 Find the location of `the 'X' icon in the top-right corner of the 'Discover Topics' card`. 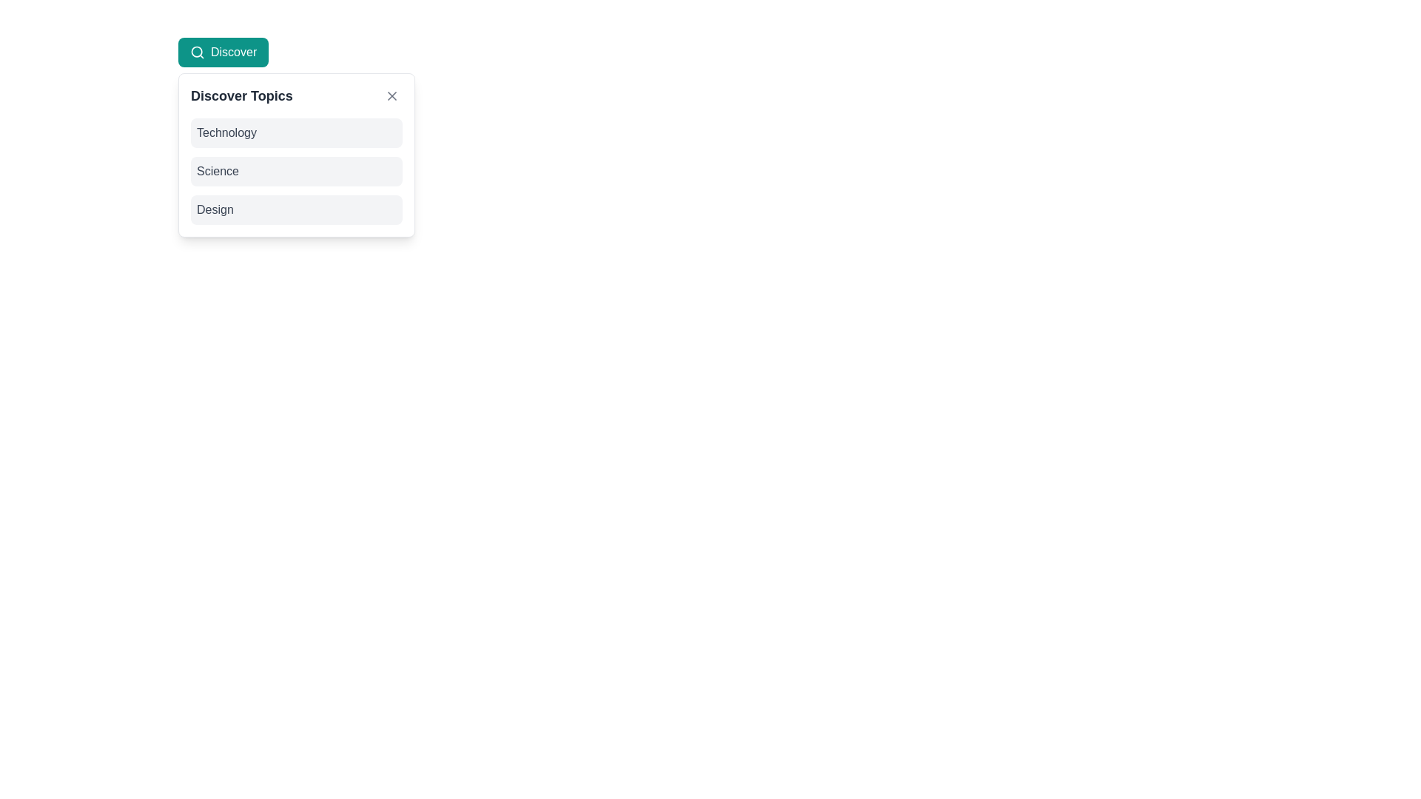

the 'X' icon in the top-right corner of the 'Discover Topics' card is located at coordinates (392, 96).